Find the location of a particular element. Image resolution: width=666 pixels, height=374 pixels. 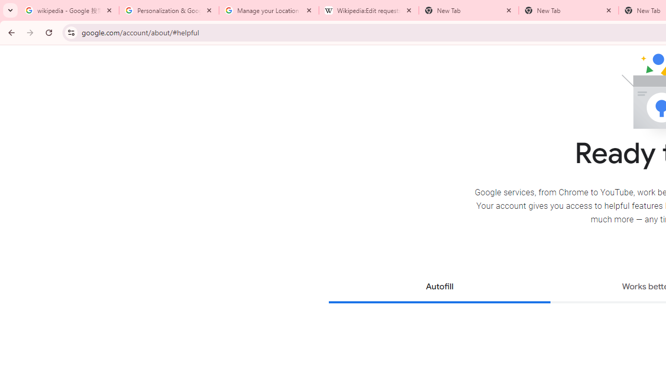

'Manage your Location History - Google Search Help' is located at coordinates (269, 10).